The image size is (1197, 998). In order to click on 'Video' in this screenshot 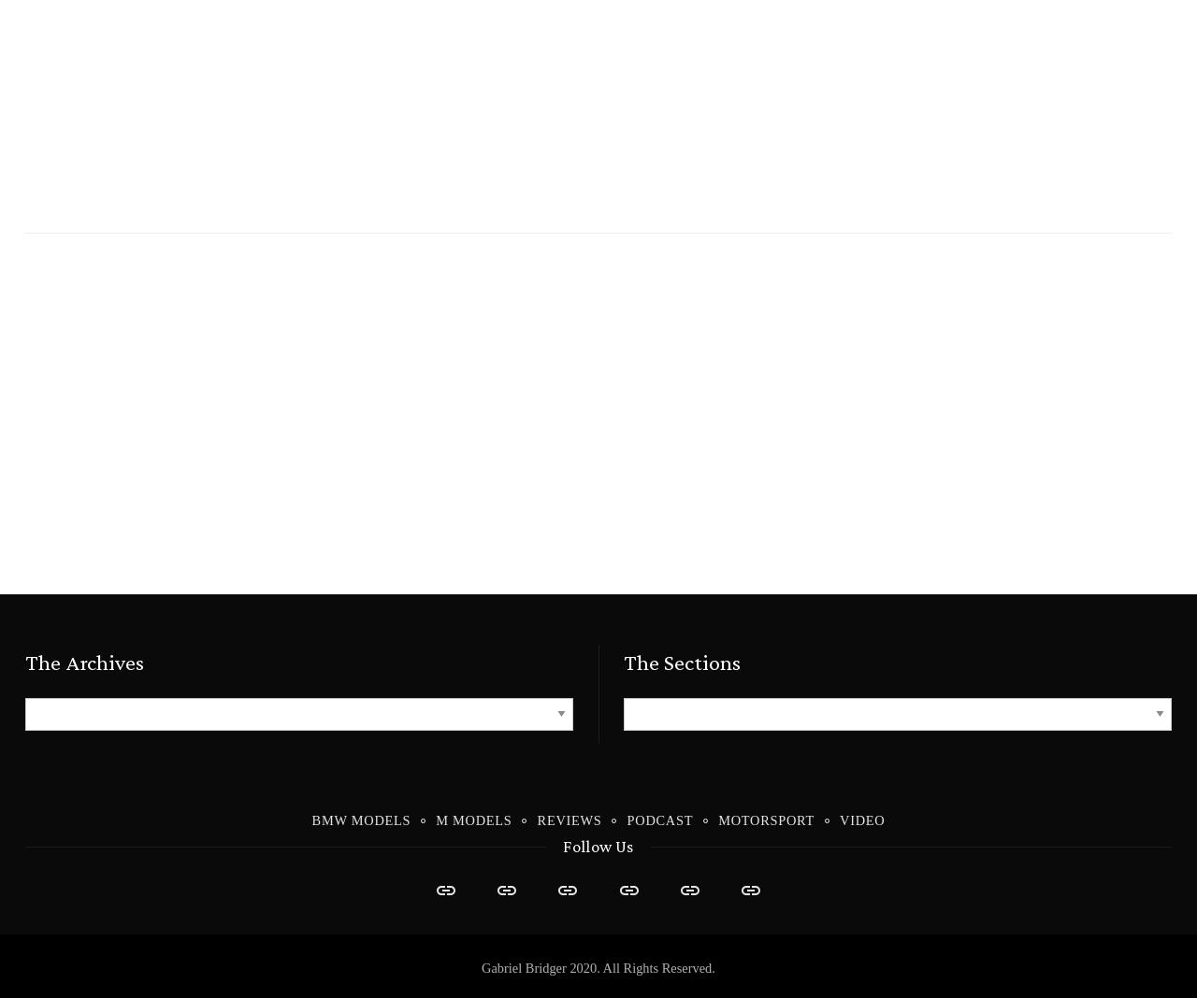, I will do `click(860, 819)`.